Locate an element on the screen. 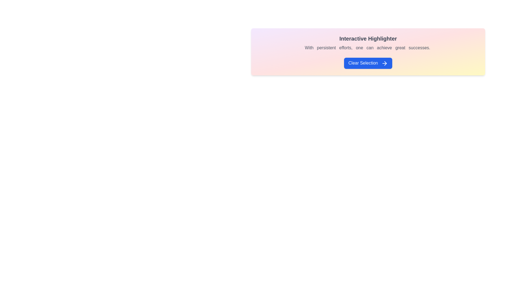 The height and width of the screenshot is (294, 523). the icon located at the far right end of the 'Clear Selection' button, which serves as a decorative enhancement to indicate progression or navigation is located at coordinates (384, 63).